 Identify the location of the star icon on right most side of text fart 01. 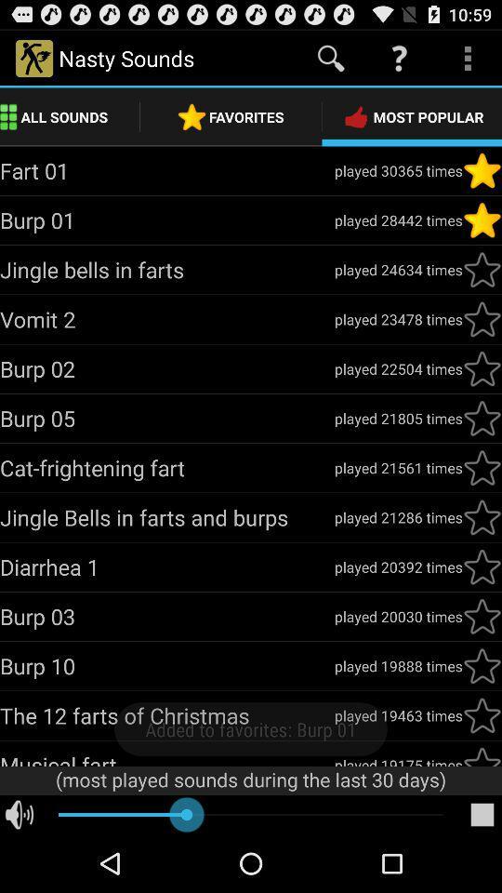
(482, 171).